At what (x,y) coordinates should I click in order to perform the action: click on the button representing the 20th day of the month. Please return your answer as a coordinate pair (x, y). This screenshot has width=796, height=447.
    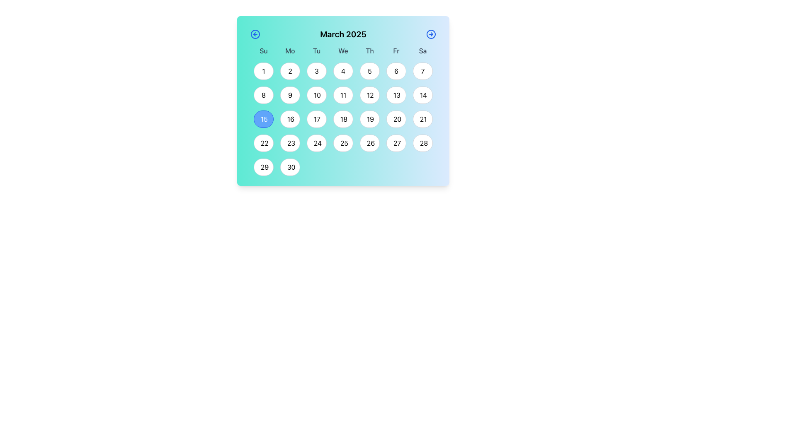
    Looking at the image, I should click on (396, 119).